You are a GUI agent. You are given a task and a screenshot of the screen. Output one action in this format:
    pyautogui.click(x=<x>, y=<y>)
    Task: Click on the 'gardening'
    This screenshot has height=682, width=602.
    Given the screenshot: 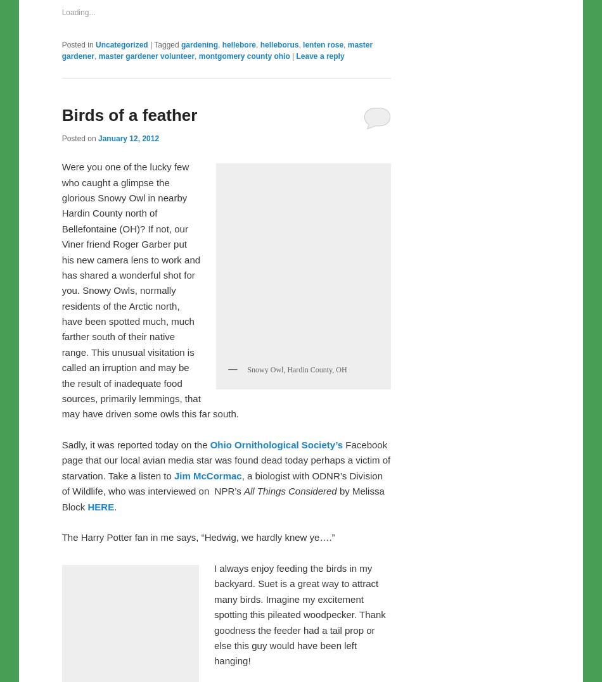 What is the action you would take?
    pyautogui.click(x=199, y=310)
    